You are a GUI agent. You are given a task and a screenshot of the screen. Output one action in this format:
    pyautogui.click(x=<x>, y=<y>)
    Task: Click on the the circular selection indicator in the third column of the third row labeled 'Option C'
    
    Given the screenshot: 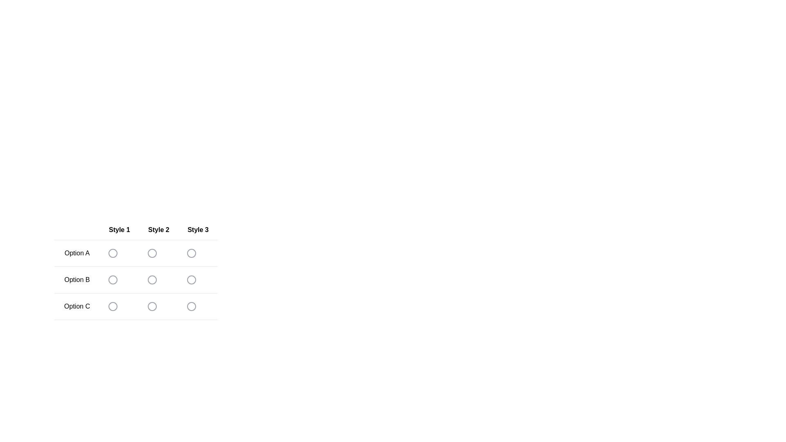 What is the action you would take?
    pyautogui.click(x=191, y=306)
    